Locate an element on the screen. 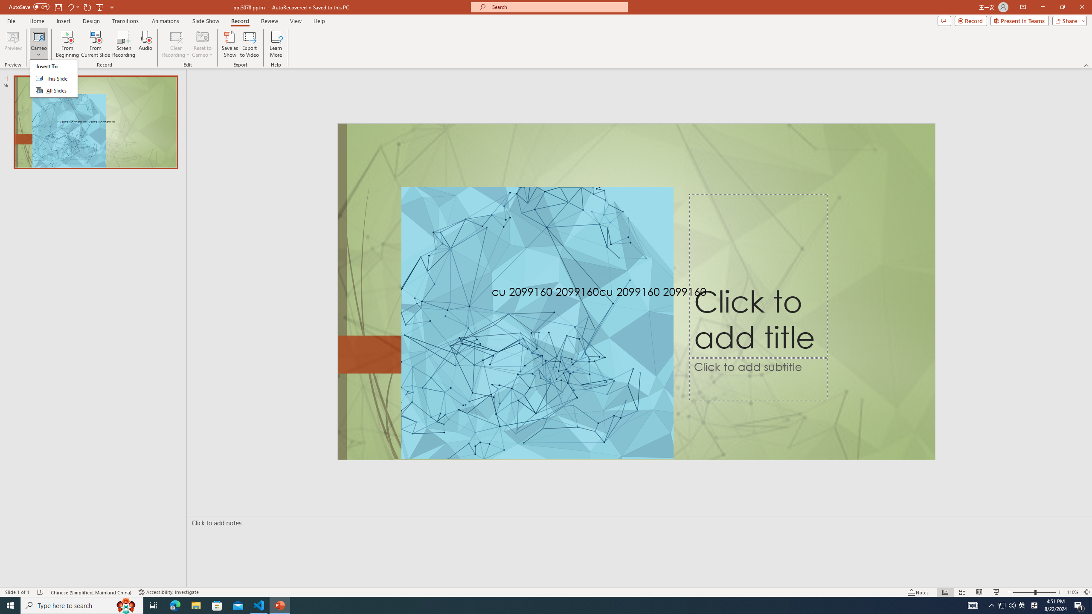  'Help' is located at coordinates (319, 21).